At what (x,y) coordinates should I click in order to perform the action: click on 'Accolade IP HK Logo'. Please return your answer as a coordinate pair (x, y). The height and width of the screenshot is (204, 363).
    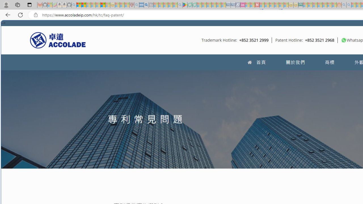
    Looking at the image, I should click on (58, 40).